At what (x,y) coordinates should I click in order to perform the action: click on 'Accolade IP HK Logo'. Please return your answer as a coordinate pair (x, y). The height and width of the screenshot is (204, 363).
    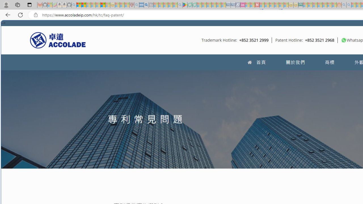
    Looking at the image, I should click on (58, 40).